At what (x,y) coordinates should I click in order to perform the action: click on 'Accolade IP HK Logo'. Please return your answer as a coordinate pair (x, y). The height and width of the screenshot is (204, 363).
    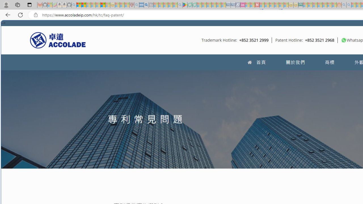
    Looking at the image, I should click on (58, 40).